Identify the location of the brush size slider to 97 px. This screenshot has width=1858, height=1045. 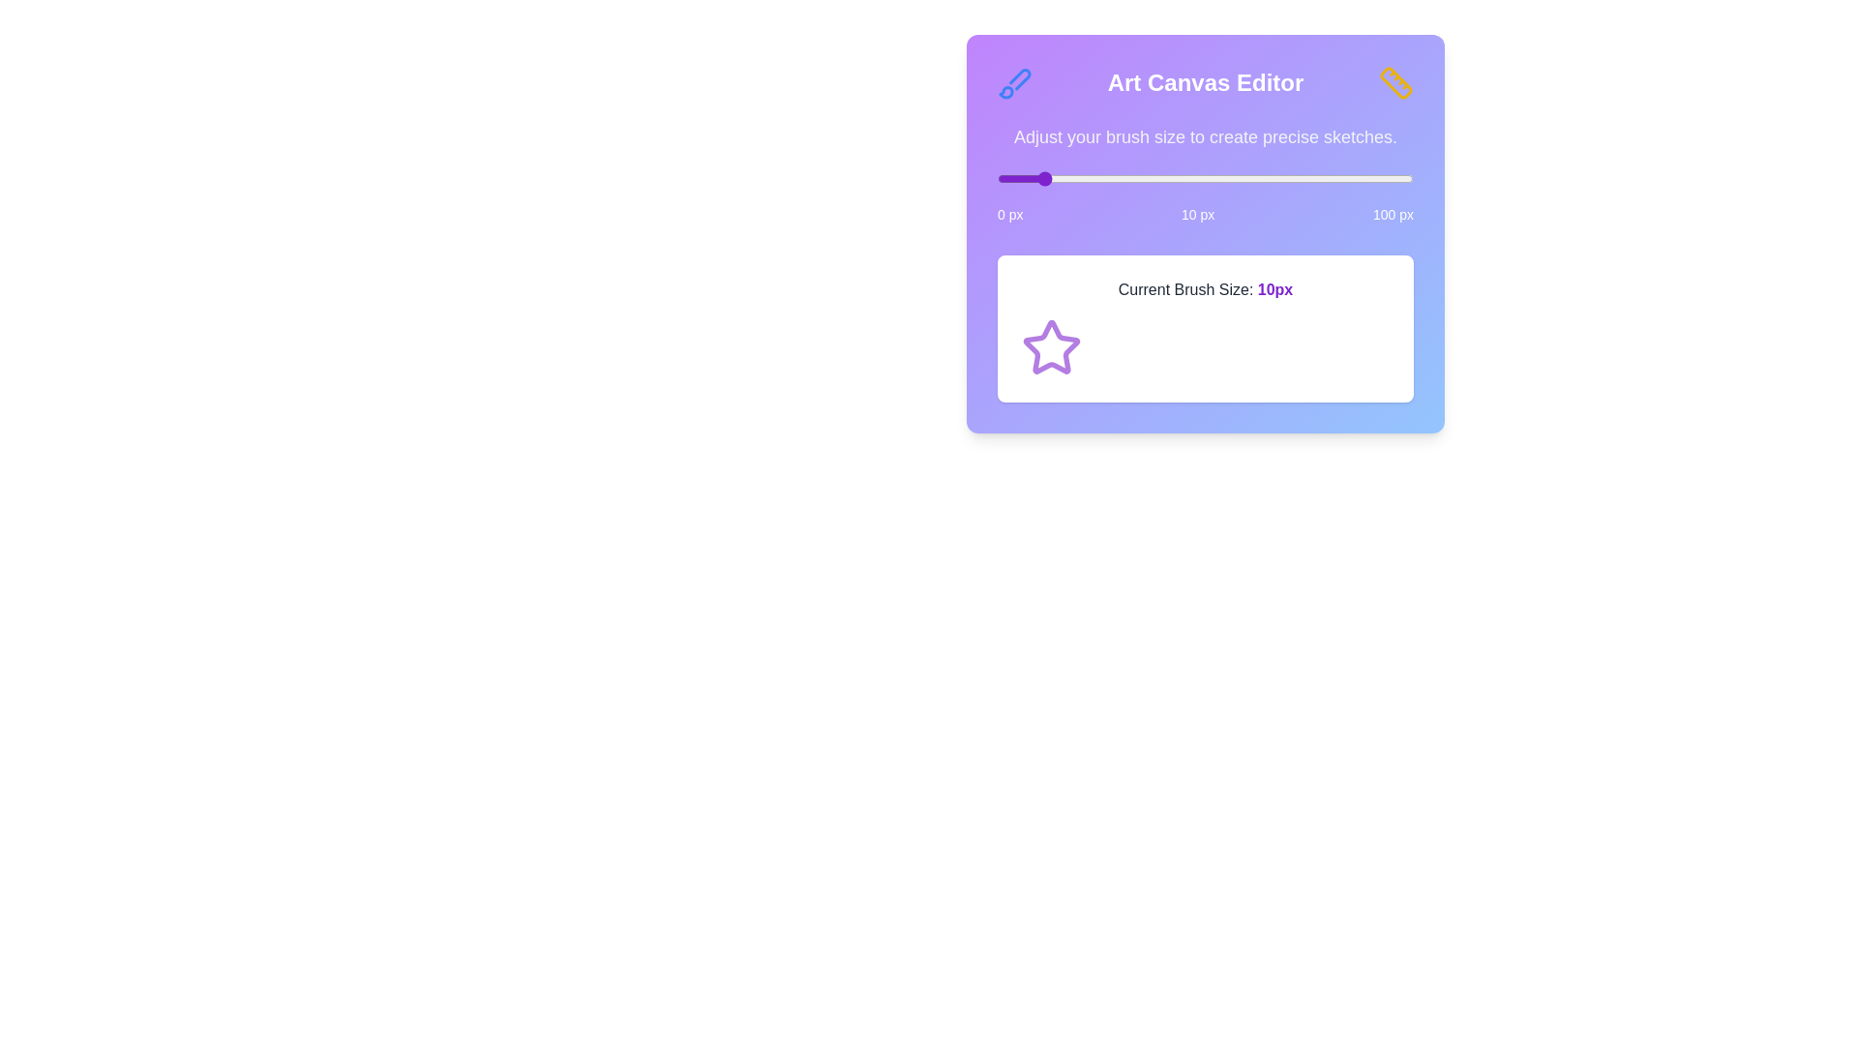
(1401, 179).